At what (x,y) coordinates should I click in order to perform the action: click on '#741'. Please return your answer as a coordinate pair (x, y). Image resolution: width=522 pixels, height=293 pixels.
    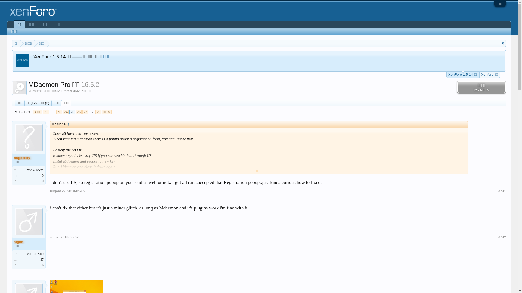
    Looking at the image, I should click on (502, 191).